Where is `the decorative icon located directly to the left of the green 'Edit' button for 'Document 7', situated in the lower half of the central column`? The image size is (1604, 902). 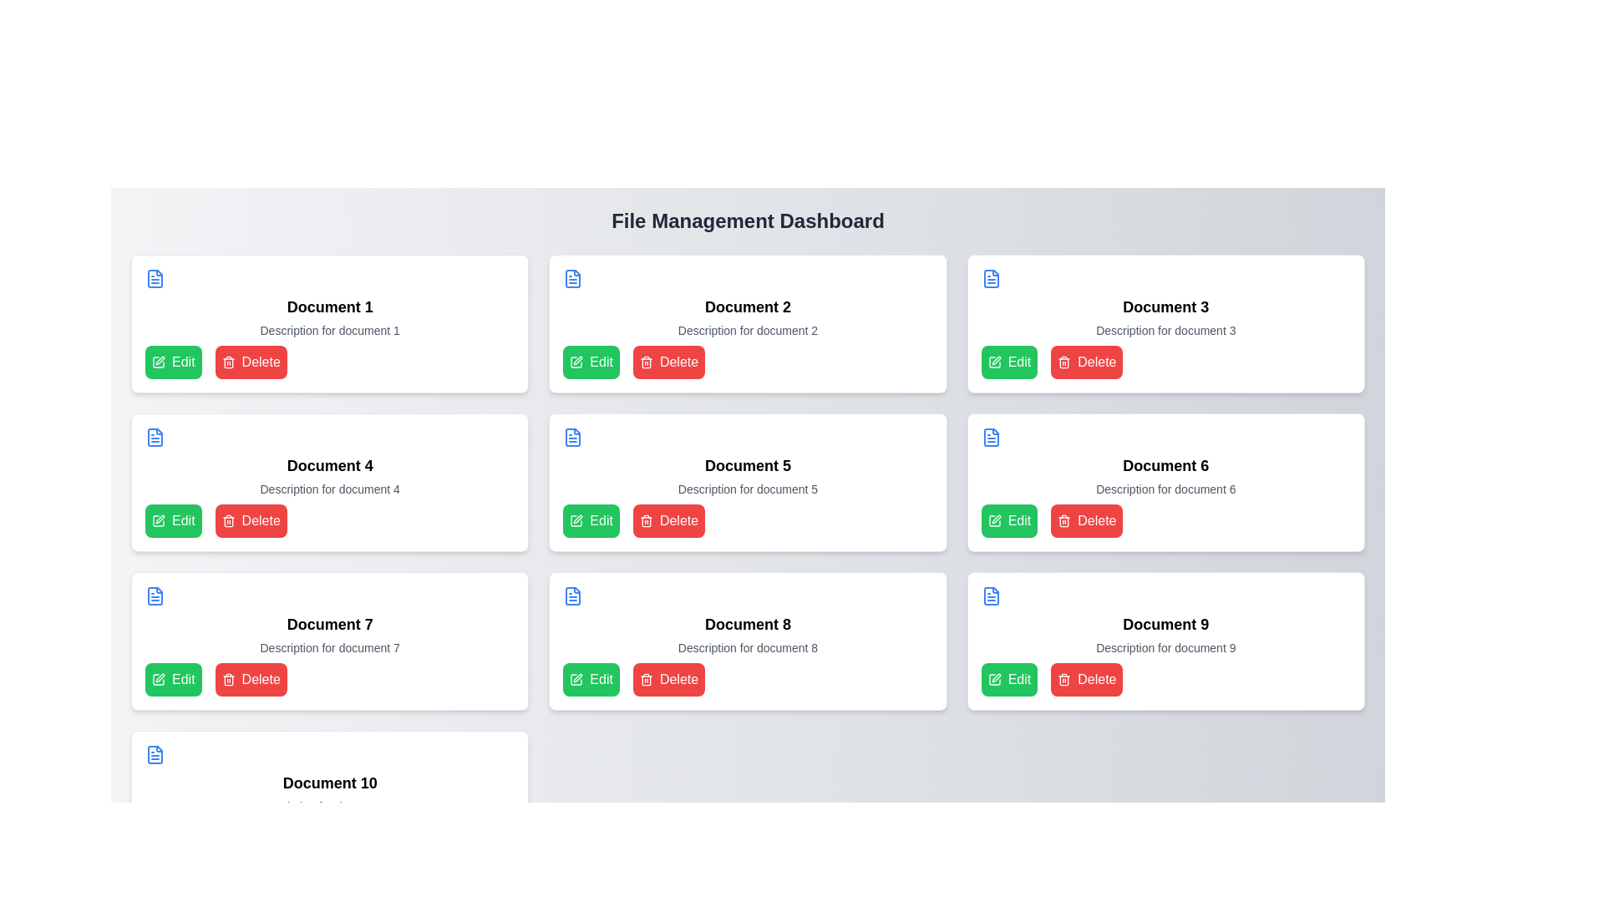 the decorative icon located directly to the left of the green 'Edit' button for 'Document 7', situated in the lower half of the central column is located at coordinates (159, 679).